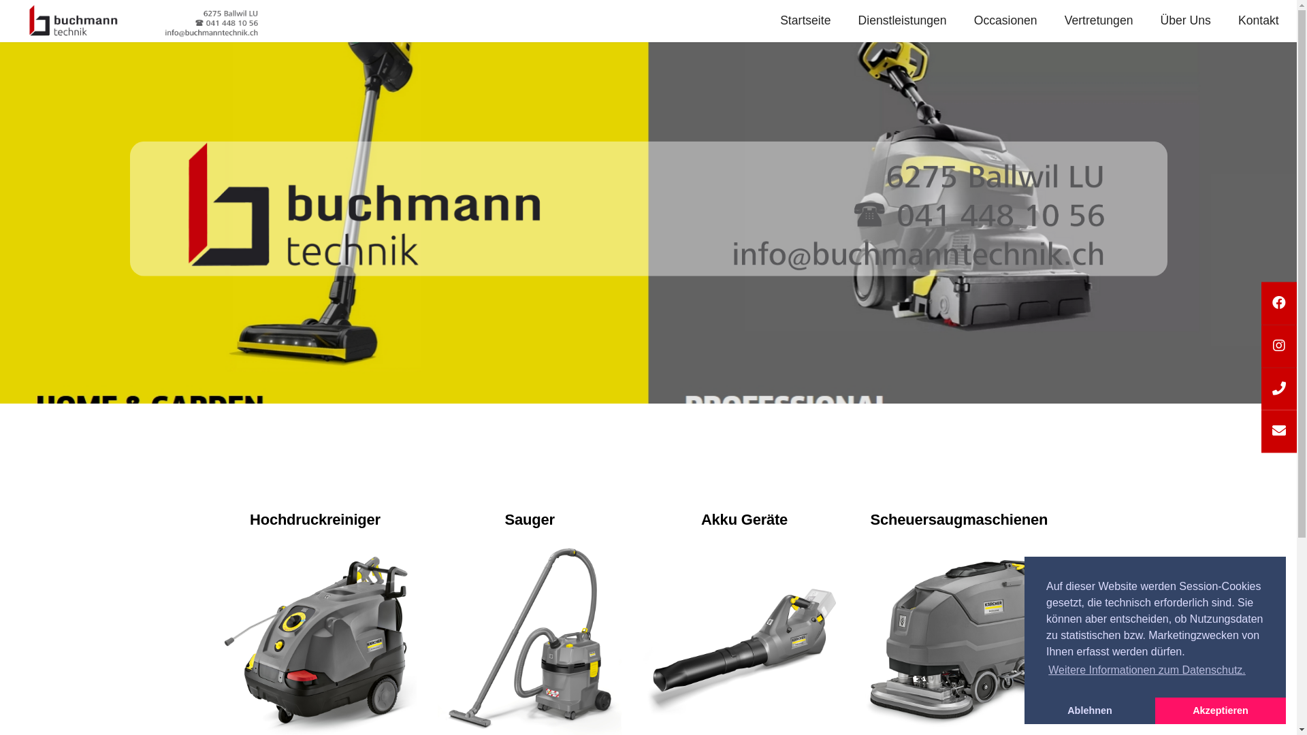 Image resolution: width=1307 pixels, height=735 pixels. Describe the element at coordinates (1238, 20) in the screenshot. I see `'Kontakt'` at that location.